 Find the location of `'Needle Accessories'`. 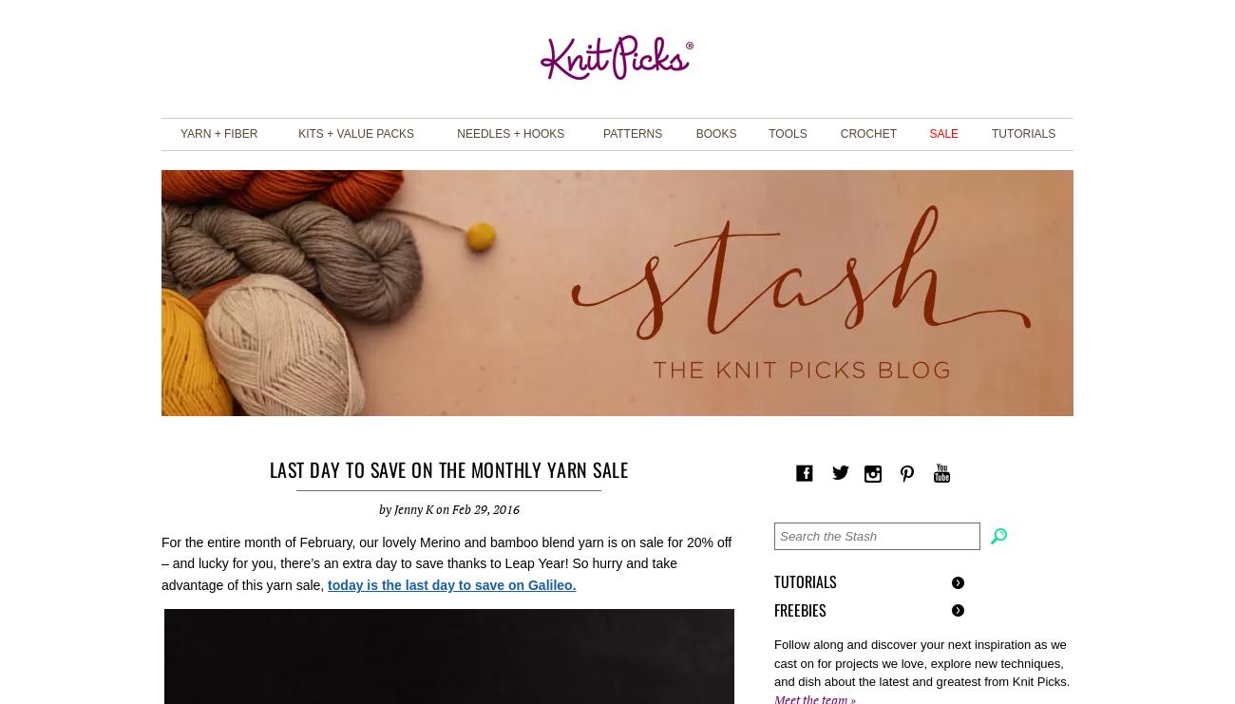

'Needle Accessories' is located at coordinates (822, 240).